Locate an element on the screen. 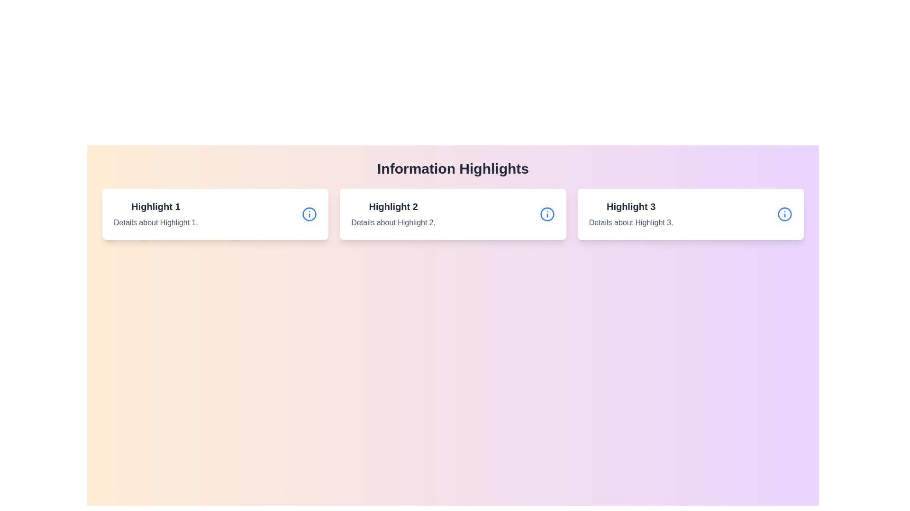 The image size is (910, 511). details displayed in the text component showing 'Details about Highlight 2.' which is located beneath the heading 'Highlight 2' in the central card of the summary cards is located at coordinates (393, 222).